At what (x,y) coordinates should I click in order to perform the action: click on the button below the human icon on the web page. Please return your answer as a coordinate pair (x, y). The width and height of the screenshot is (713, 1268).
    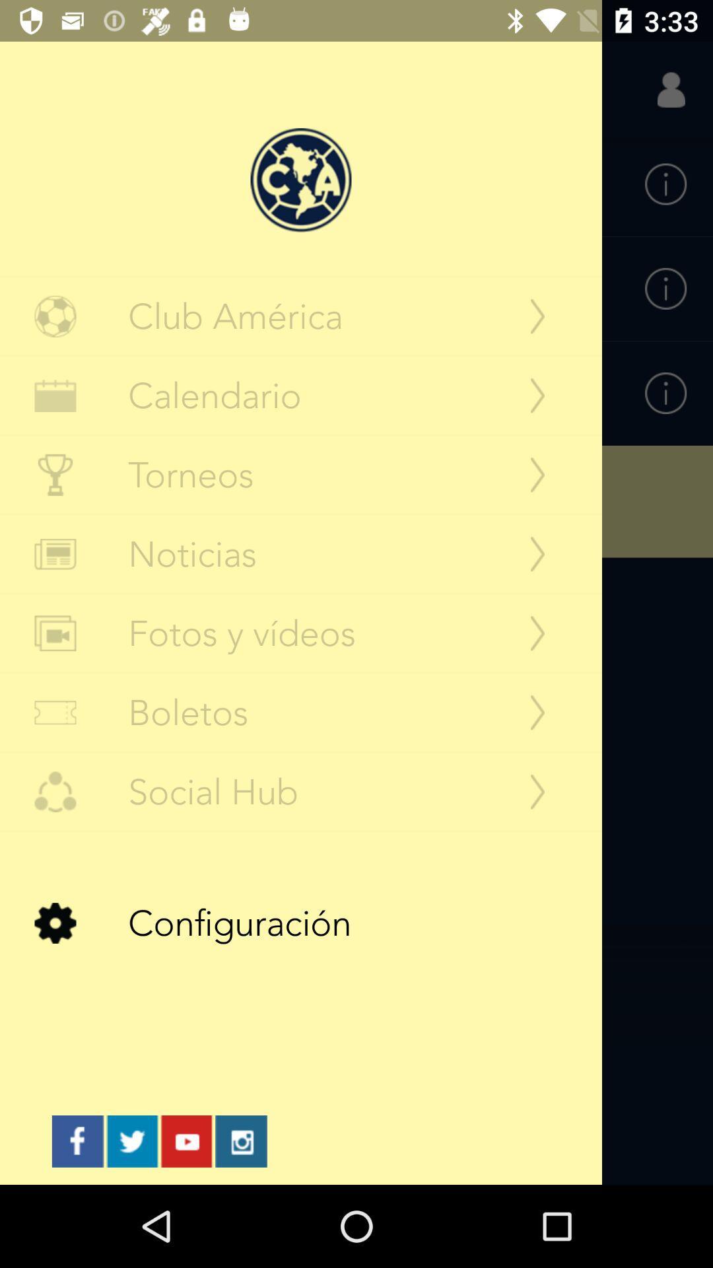
    Looking at the image, I should click on (665, 184).